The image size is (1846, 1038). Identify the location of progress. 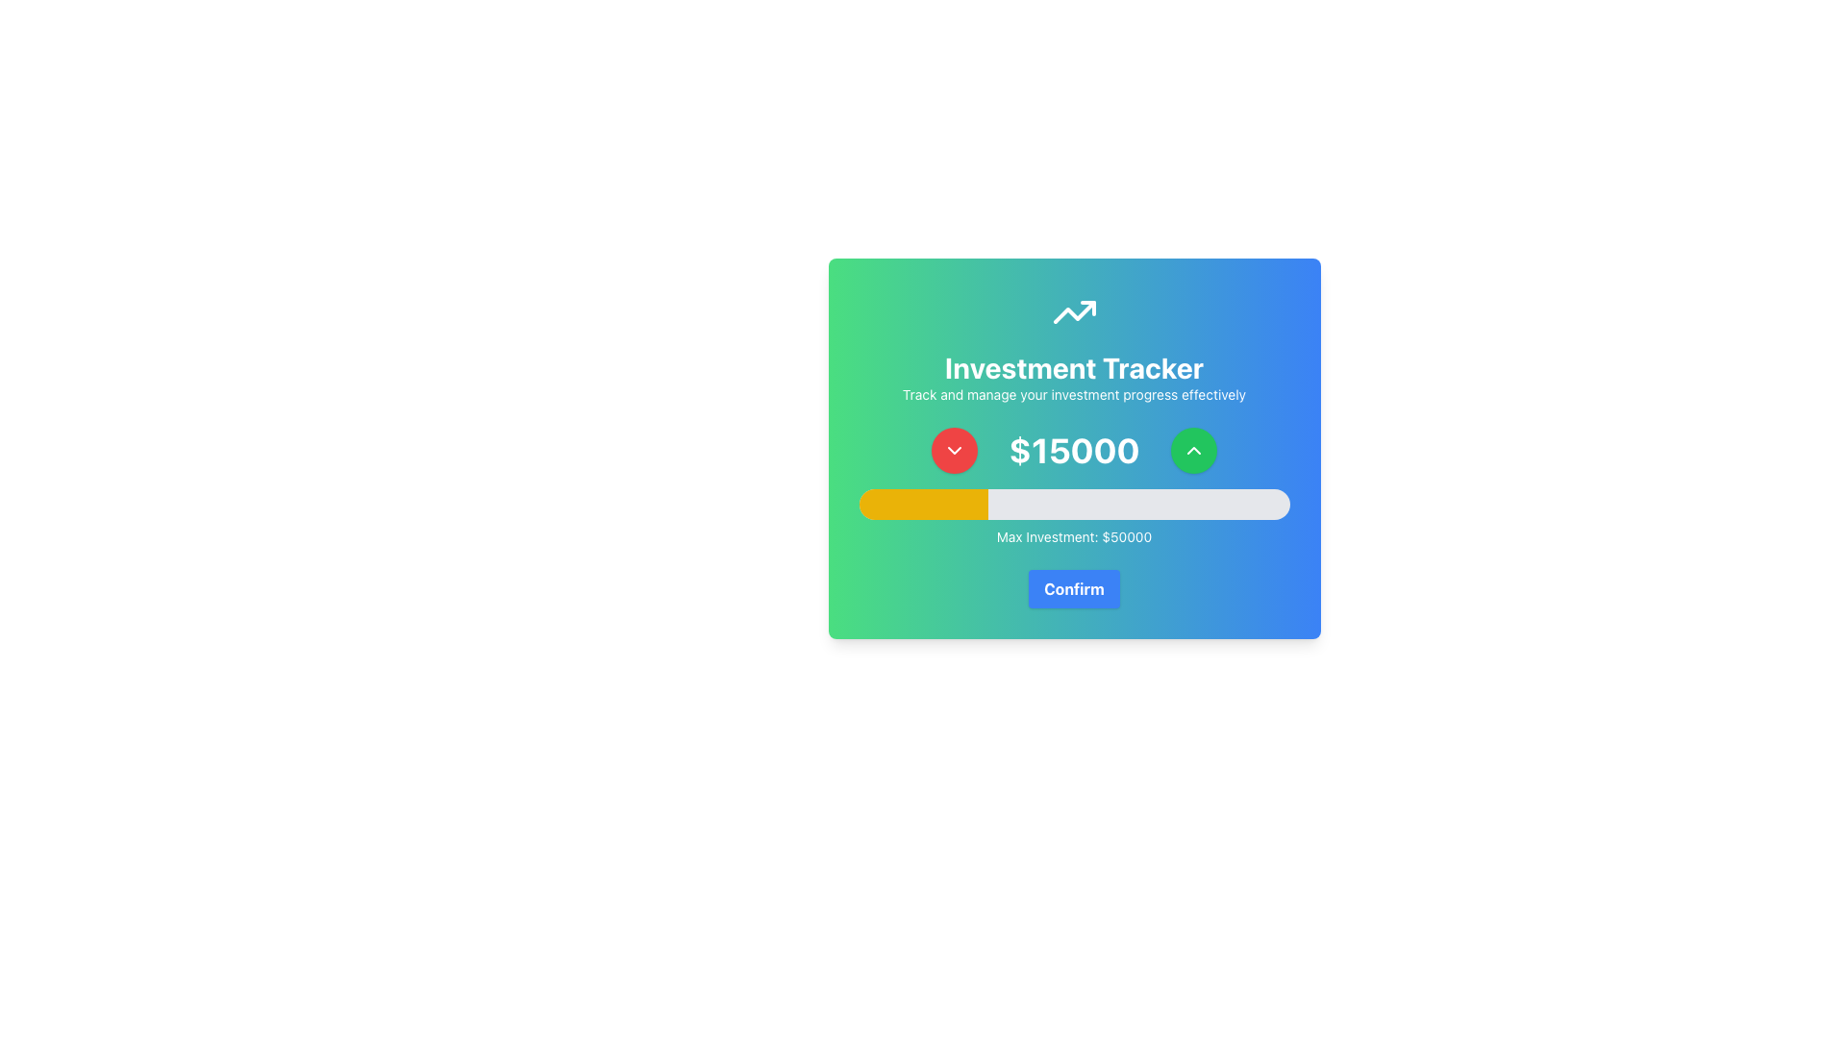
(1104, 503).